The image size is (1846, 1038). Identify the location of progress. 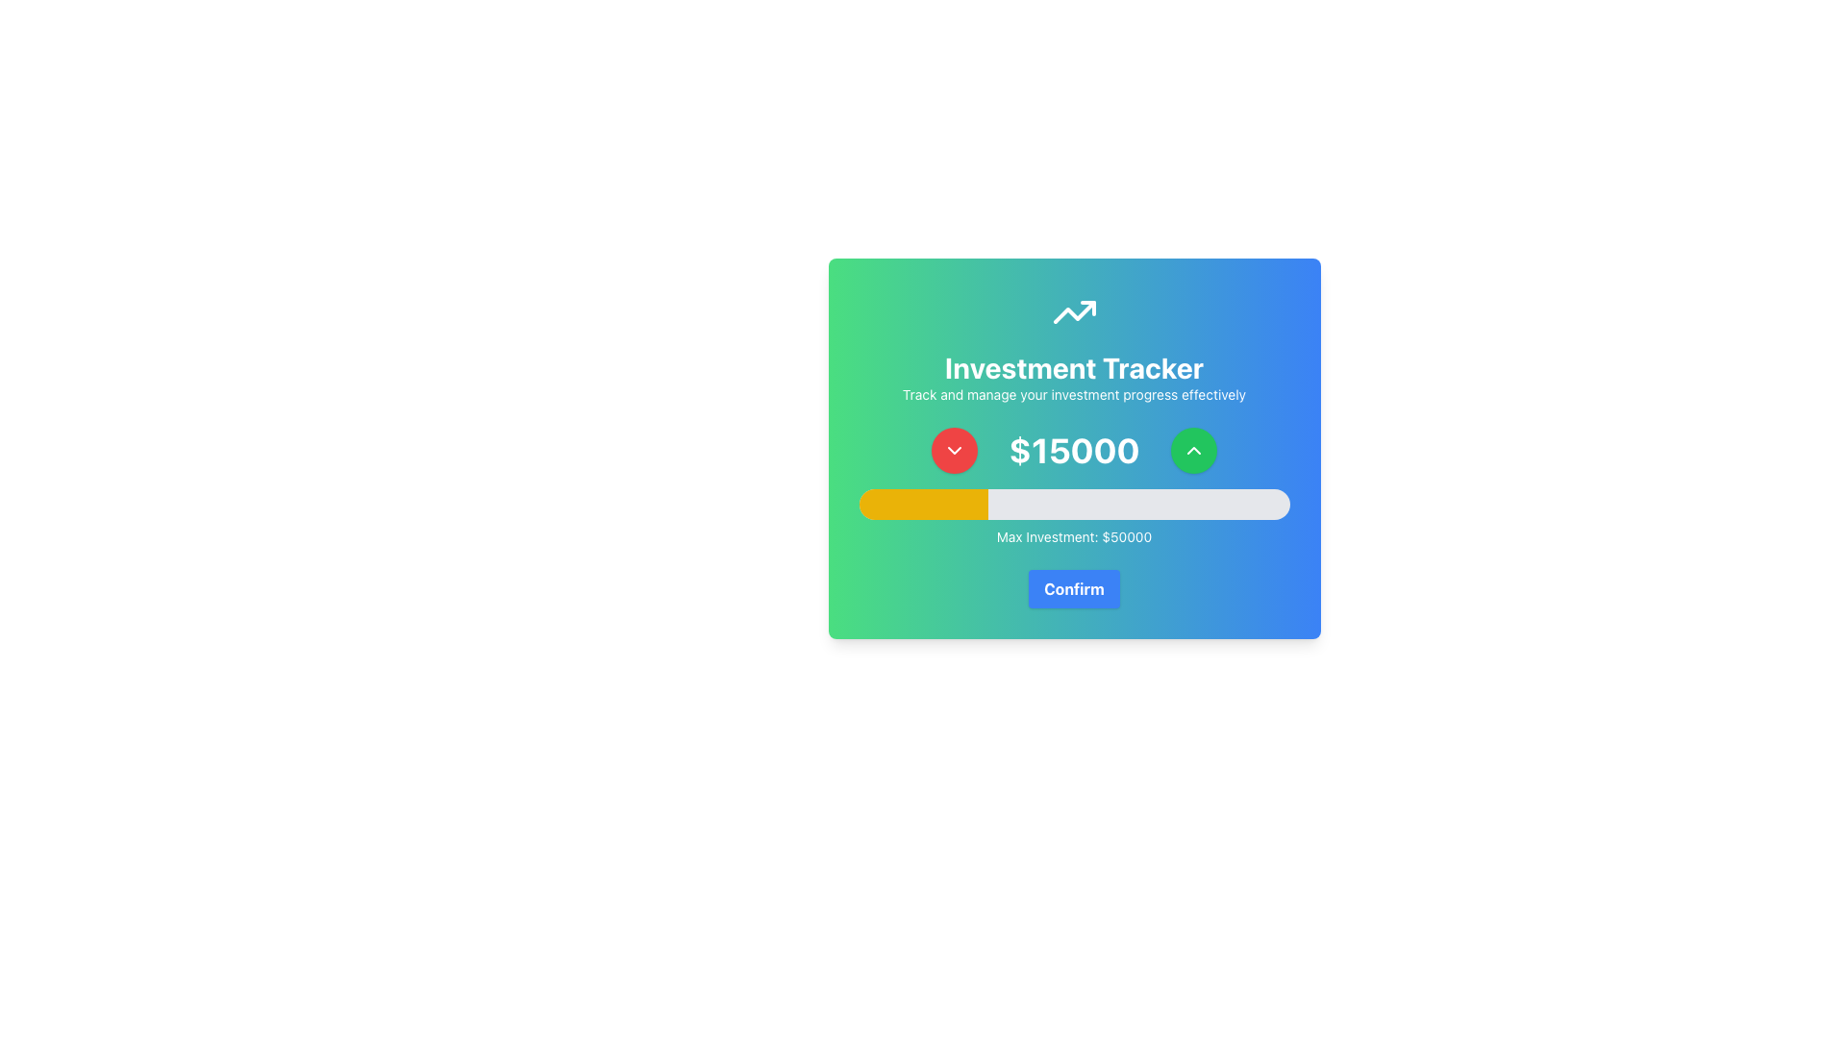
(1104, 503).